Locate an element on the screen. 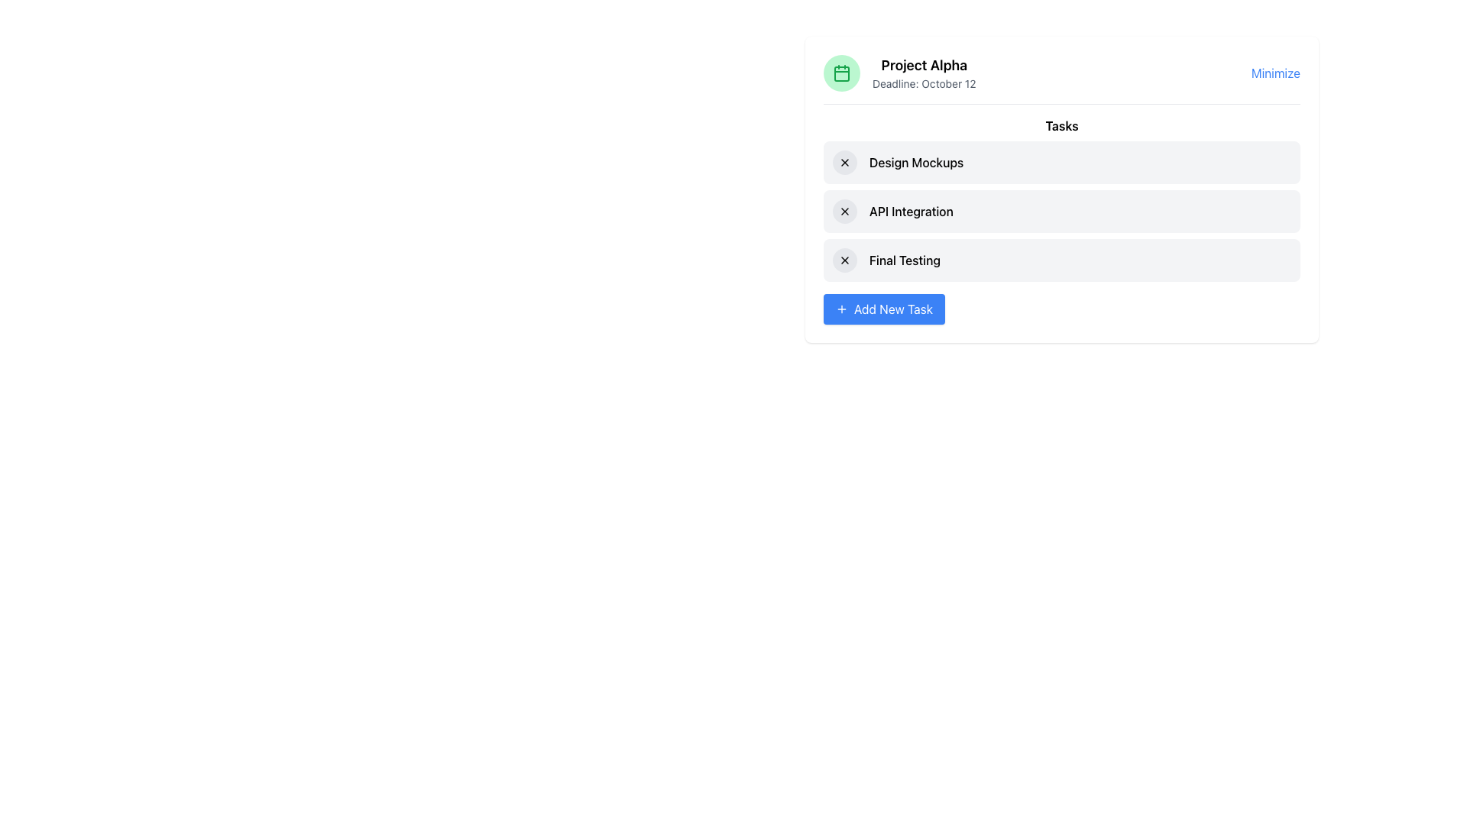  the circular green icon with a white calendar symbol, which is located to the left of the text block labeled 'Project Alpha' and its deadline is located at coordinates (841, 73).